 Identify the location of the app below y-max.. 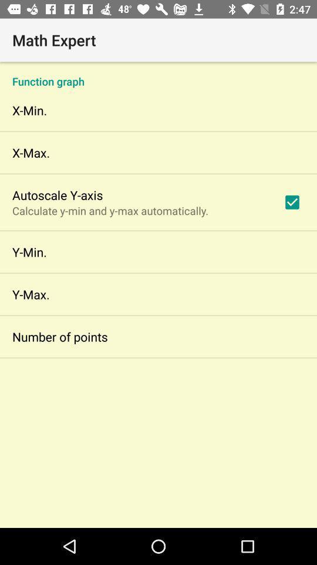
(60, 337).